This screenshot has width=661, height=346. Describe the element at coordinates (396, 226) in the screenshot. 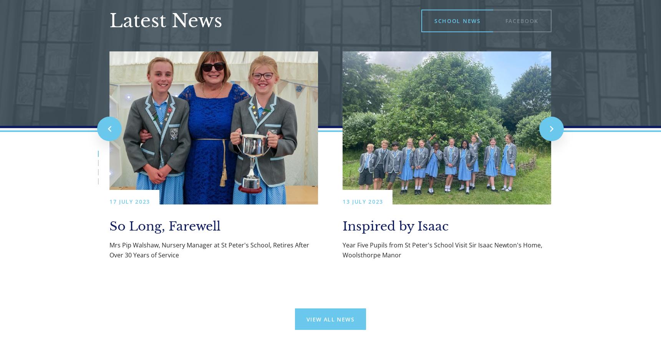

I see `'Inspired by Isaac'` at that location.